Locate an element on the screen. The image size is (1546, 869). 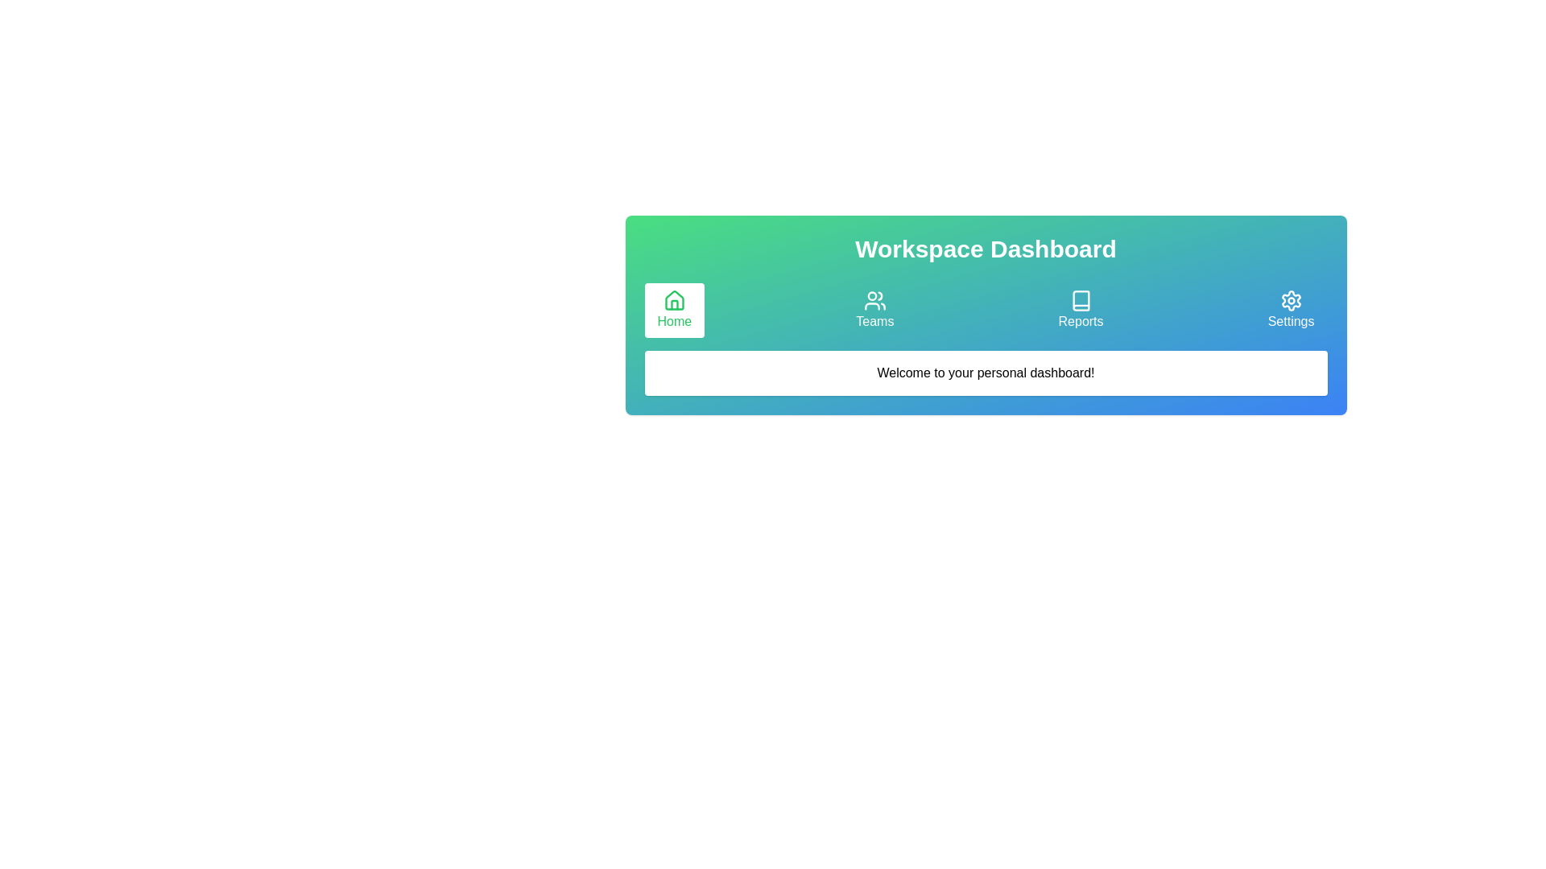
the gear-shaped icon in the top-right corner of the navigation bar is located at coordinates (1291, 301).